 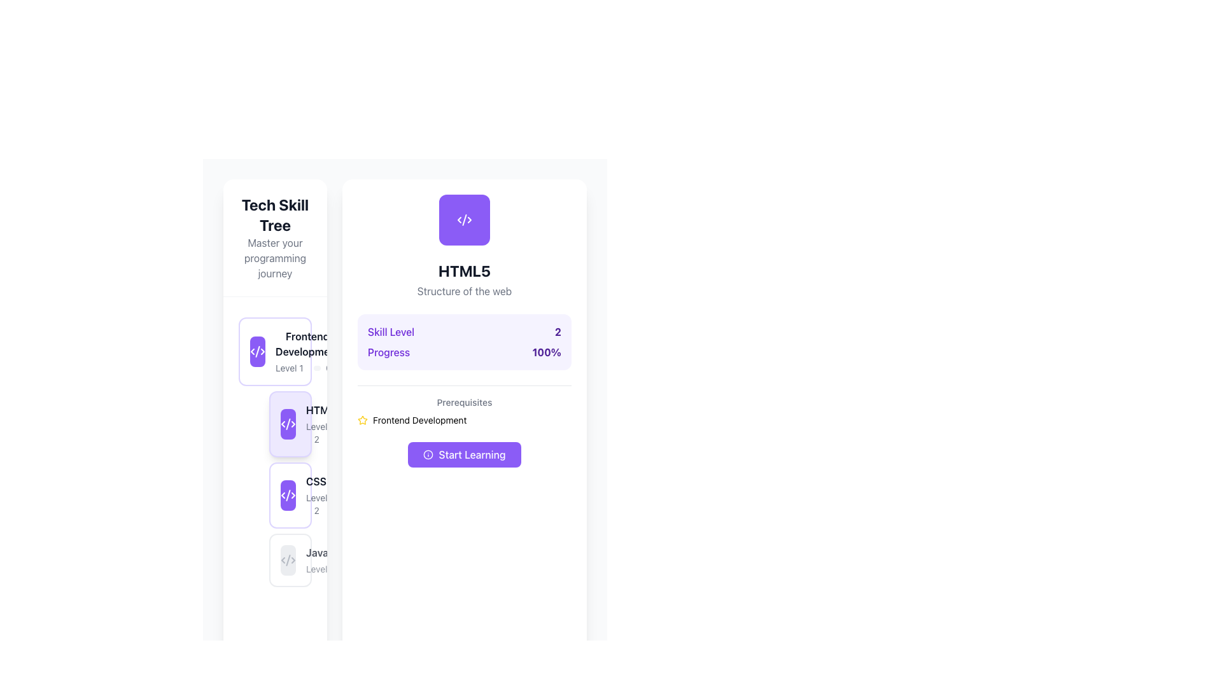 I want to click on the Text block displaying 'HTML5' and 'Structure of the web', so click(x=463, y=279).